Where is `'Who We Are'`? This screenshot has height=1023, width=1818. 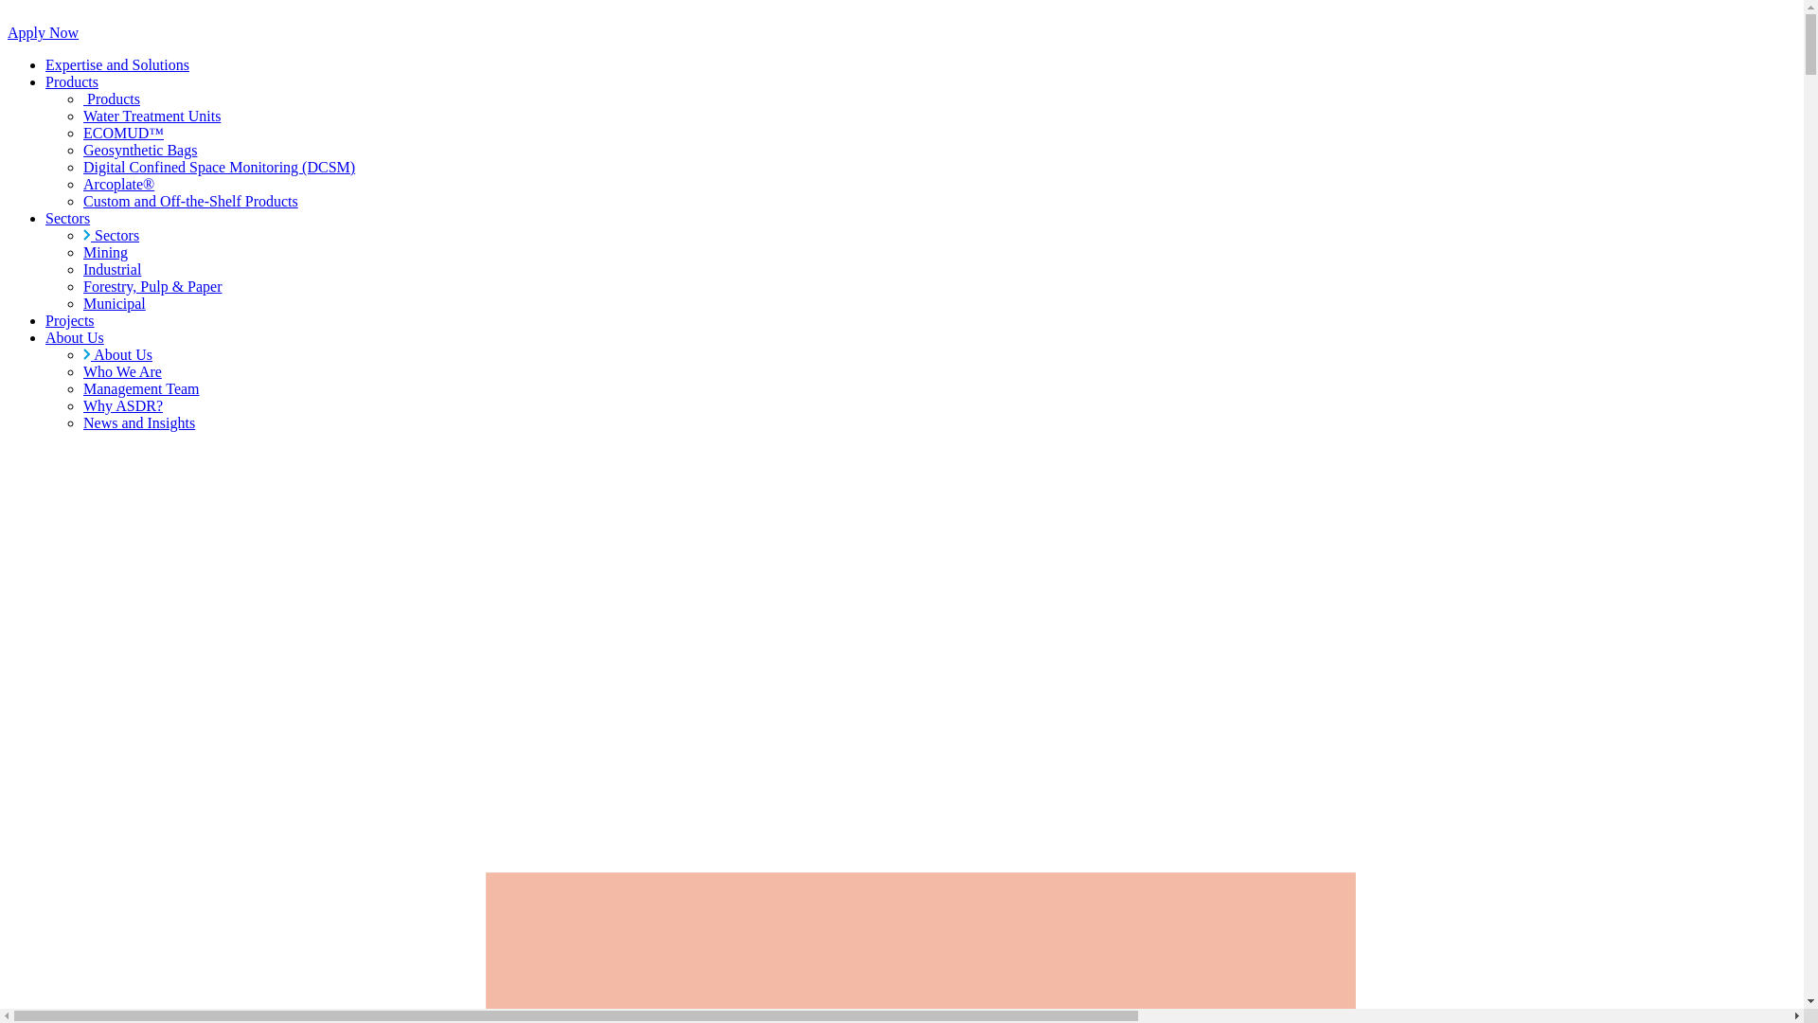
'Who We Are' is located at coordinates (121, 371).